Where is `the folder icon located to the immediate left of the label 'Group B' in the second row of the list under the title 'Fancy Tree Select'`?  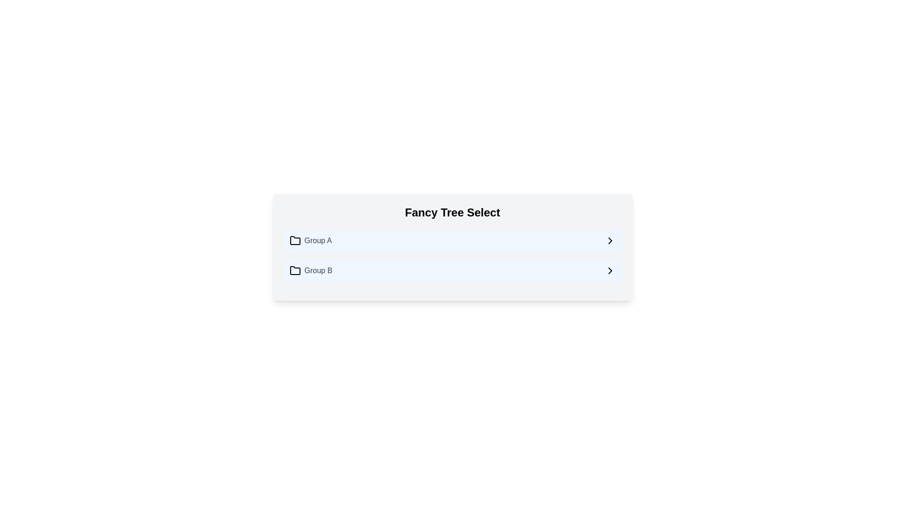
the folder icon located to the immediate left of the label 'Group B' in the second row of the list under the title 'Fancy Tree Select' is located at coordinates (294, 270).